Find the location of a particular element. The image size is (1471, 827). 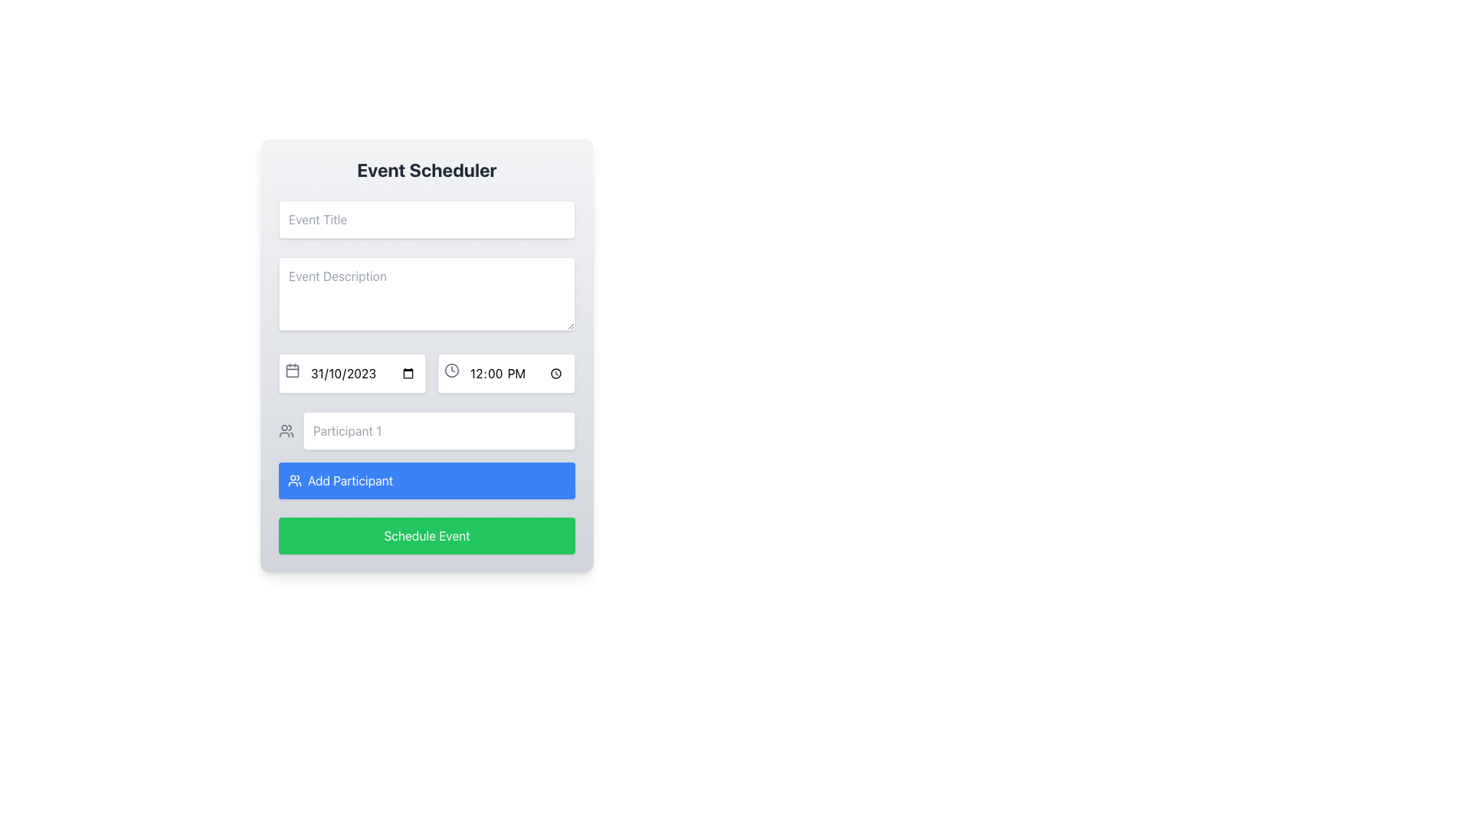

the circular clock icon with a minimalist design, located in the right section of the interface, next to the time input field is located at coordinates (451, 370).